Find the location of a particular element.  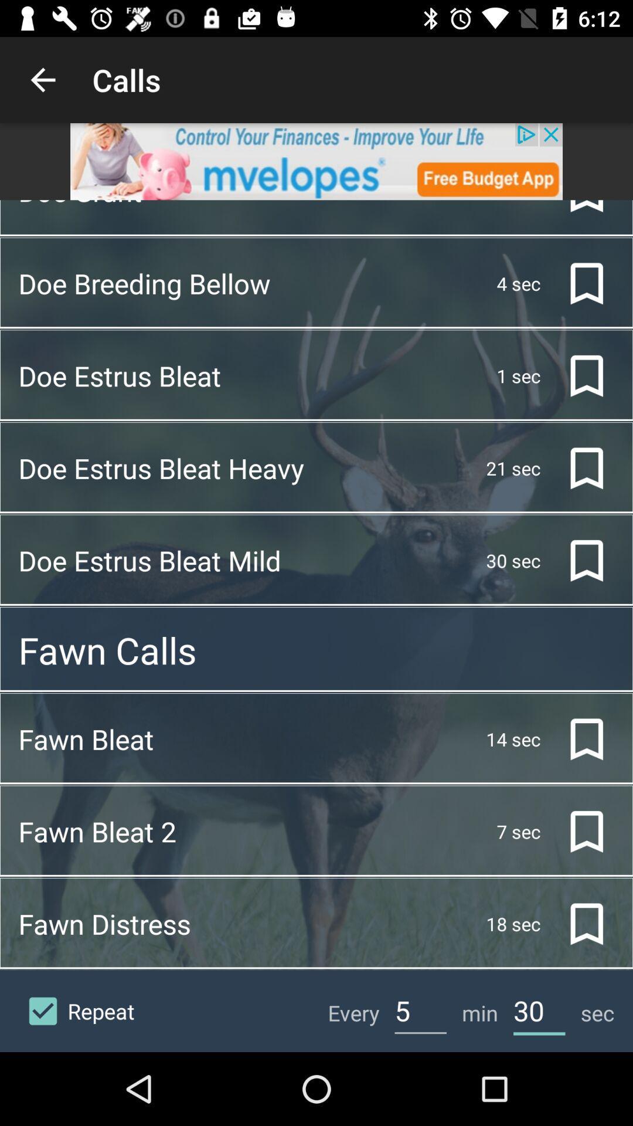

the bookmark icon is located at coordinates (577, 923).